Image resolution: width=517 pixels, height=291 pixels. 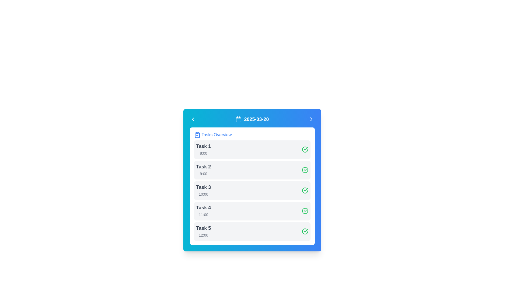 What do you see at coordinates (203, 207) in the screenshot?
I see `the static text label displaying 'Task 4', which is in bold, large font and located in the fourth row of the task list` at bounding box center [203, 207].